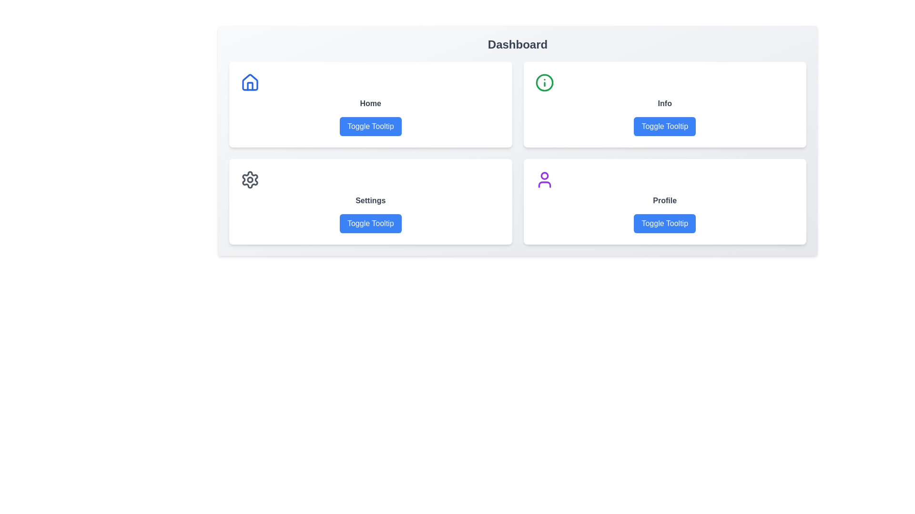 Image resolution: width=915 pixels, height=514 pixels. Describe the element at coordinates (370, 200) in the screenshot. I see `the label indicating 'Settings' located in the second card of the second row, positioned above the 'Toggle Tooltip' button` at that location.